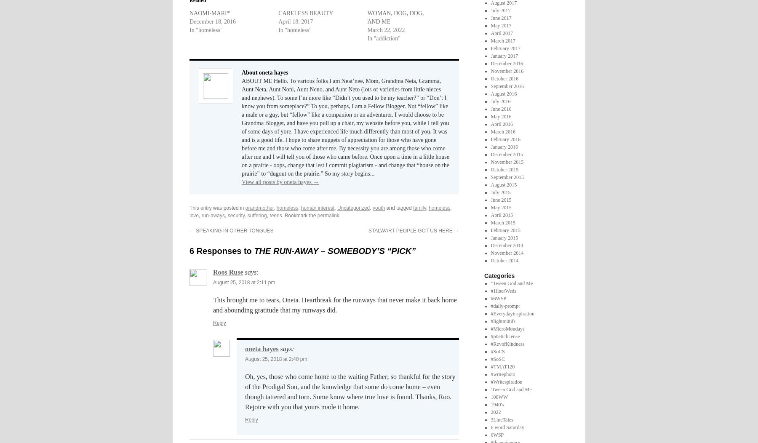  What do you see at coordinates (501, 32) in the screenshot?
I see `'April 2017'` at bounding box center [501, 32].